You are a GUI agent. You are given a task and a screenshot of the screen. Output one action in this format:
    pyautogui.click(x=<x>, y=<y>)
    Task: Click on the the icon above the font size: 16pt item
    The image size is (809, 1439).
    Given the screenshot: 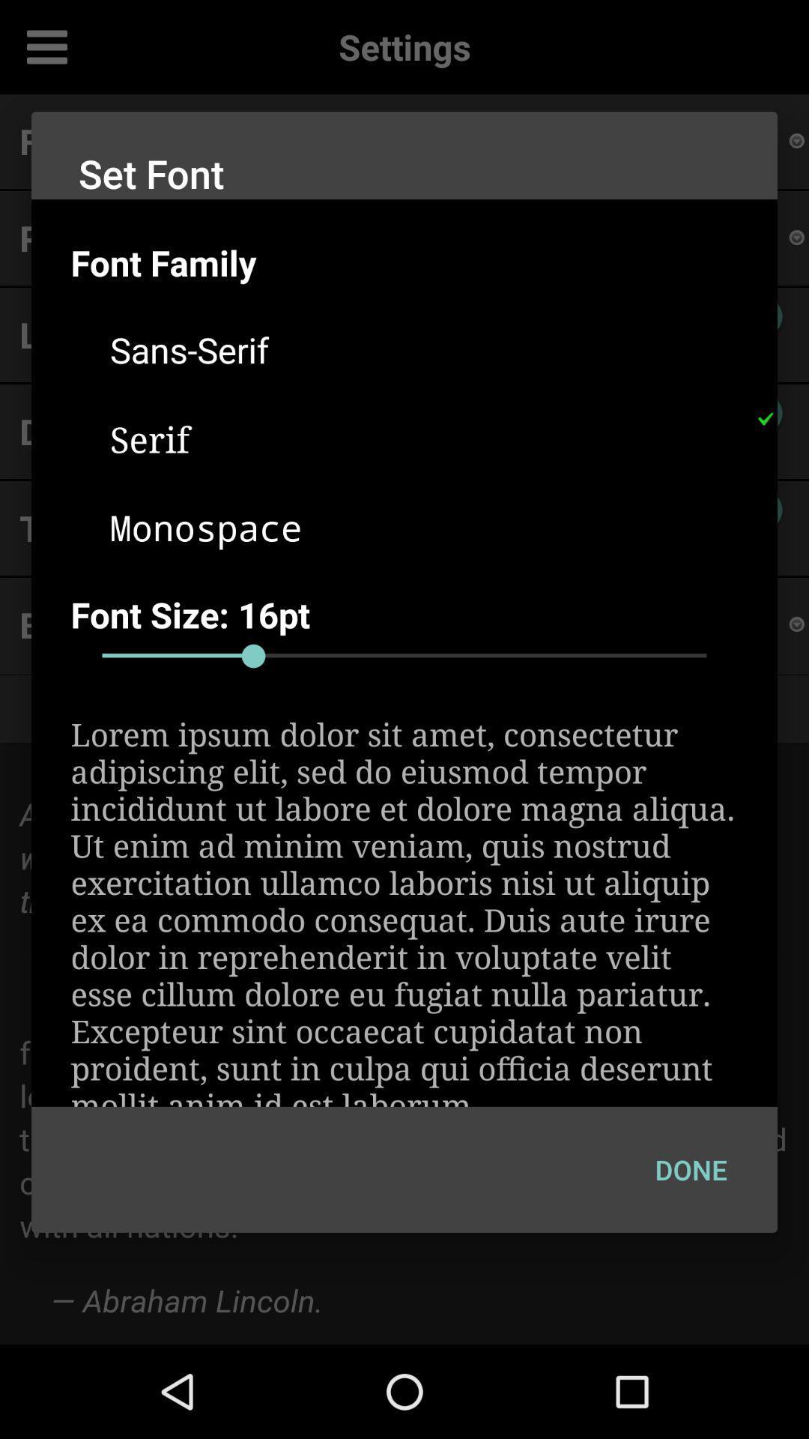 What is the action you would take?
    pyautogui.click(x=765, y=419)
    